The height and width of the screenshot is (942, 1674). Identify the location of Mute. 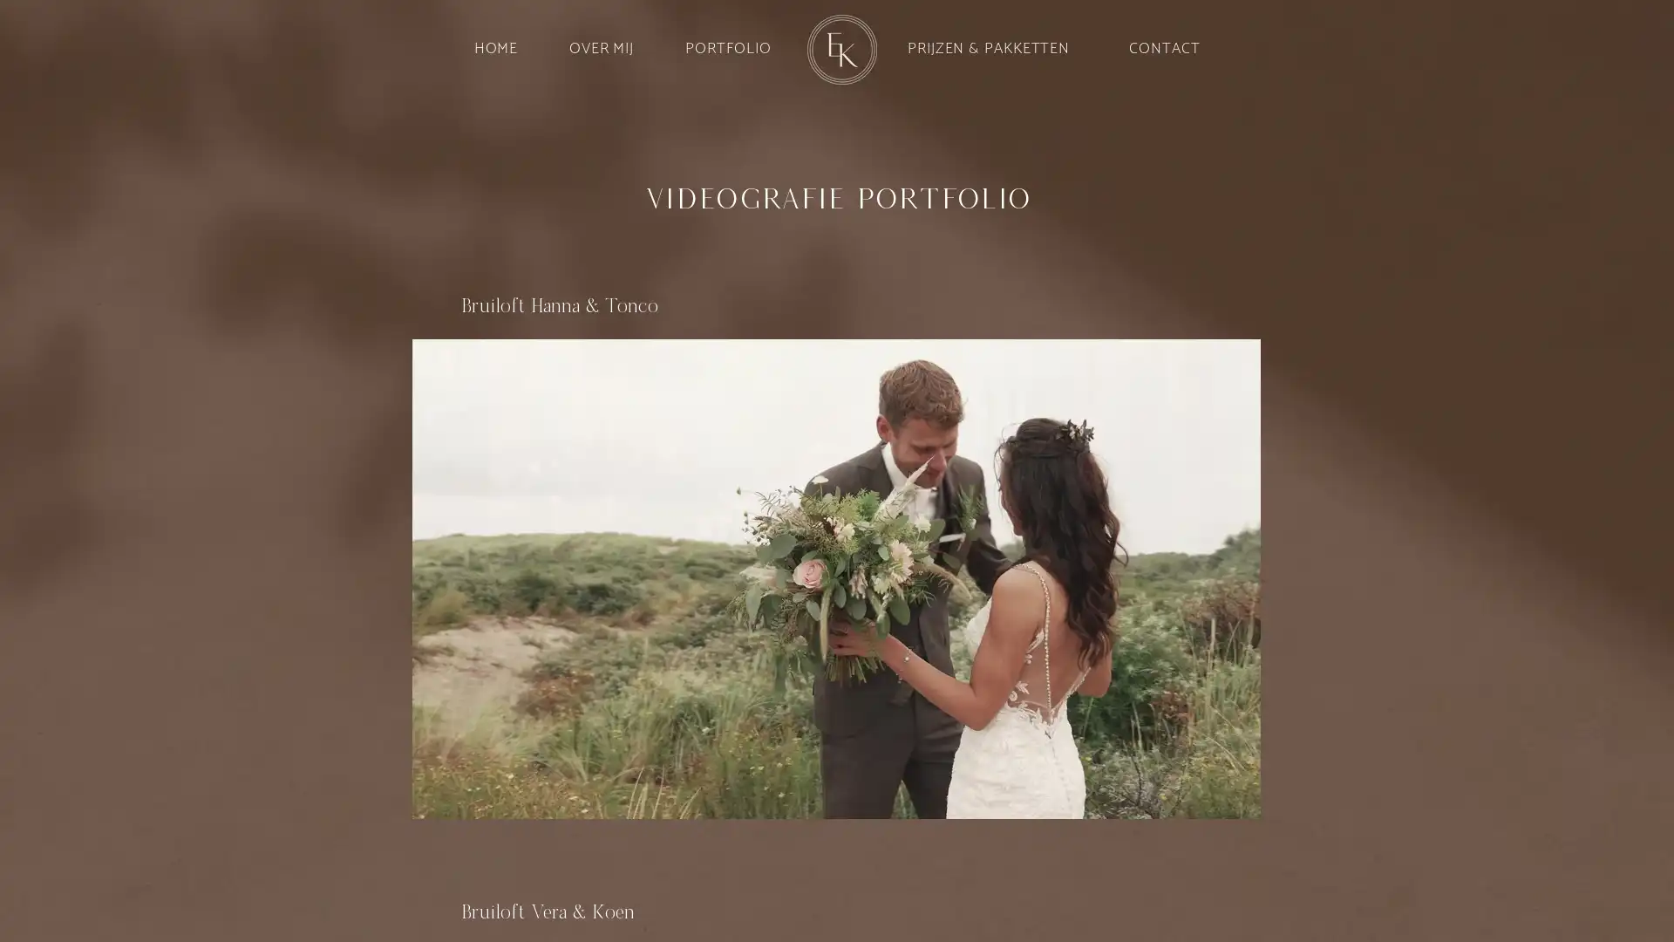
(1237, 800).